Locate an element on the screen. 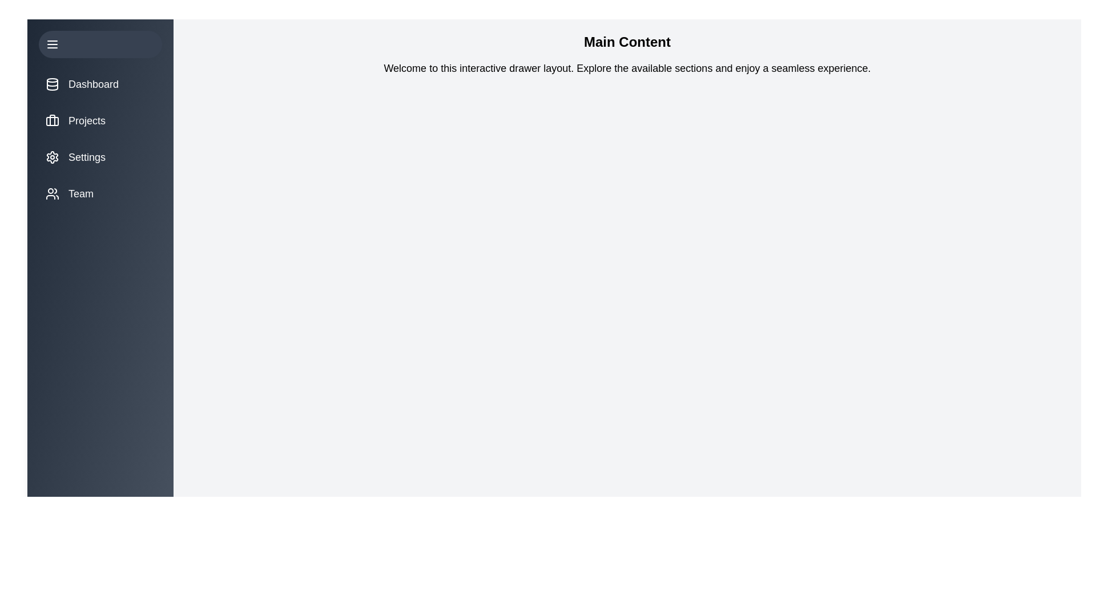  the menu item Team from the drawer is located at coordinates (100, 193).